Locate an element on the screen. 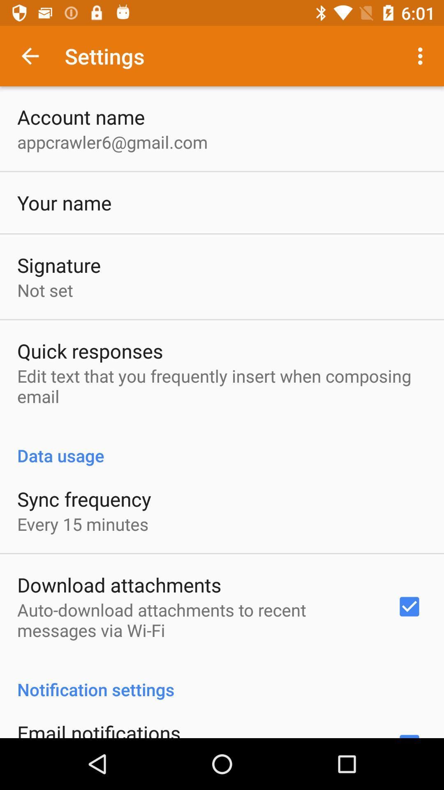 The image size is (444, 790). the signature app is located at coordinates (58, 265).